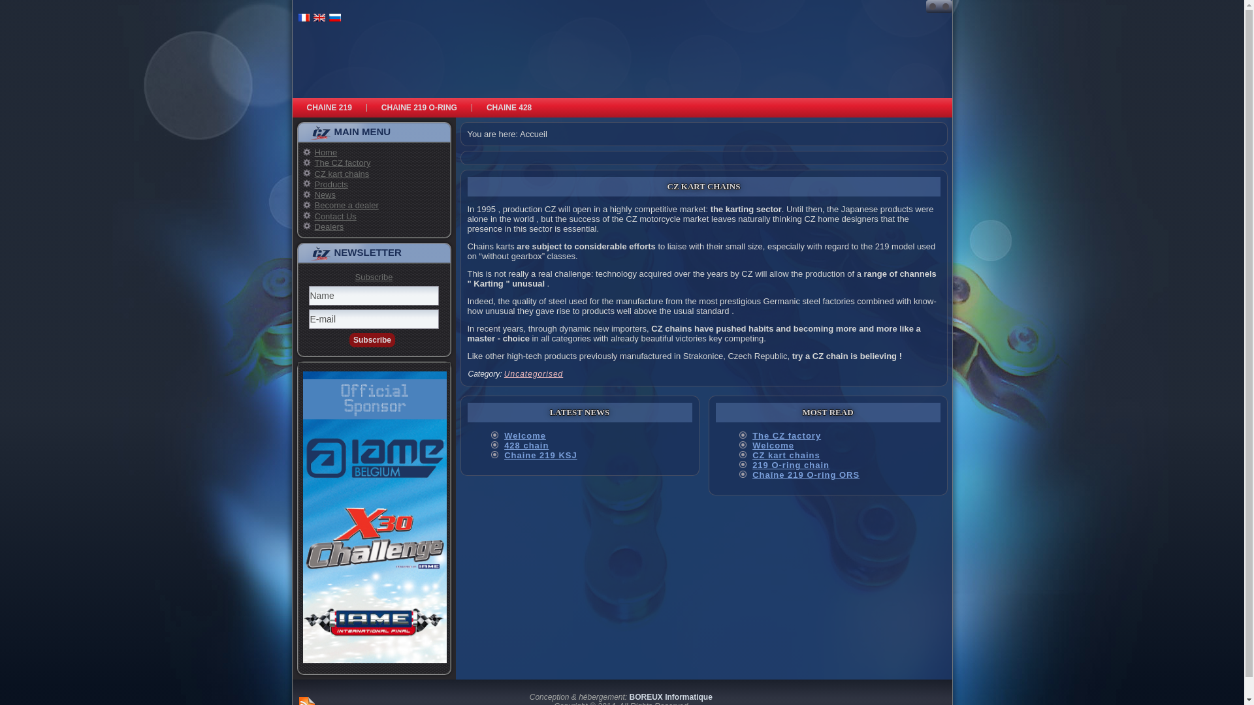  I want to click on 'English (UK)', so click(312, 18).